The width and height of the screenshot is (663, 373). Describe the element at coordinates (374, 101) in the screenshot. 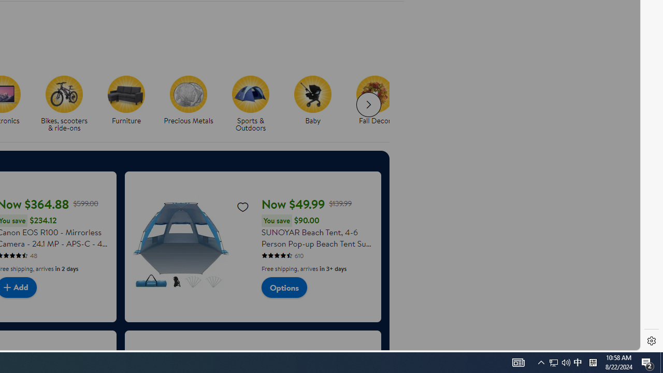

I see `'Fall Decor Fall Decor'` at that location.